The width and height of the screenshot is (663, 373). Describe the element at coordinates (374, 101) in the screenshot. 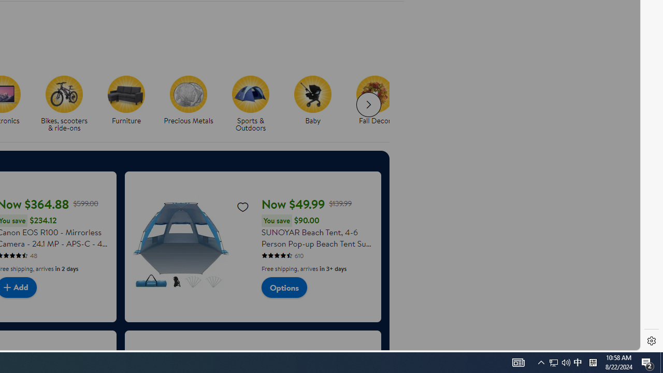

I see `'Fall Decor Fall Decor'` at that location.